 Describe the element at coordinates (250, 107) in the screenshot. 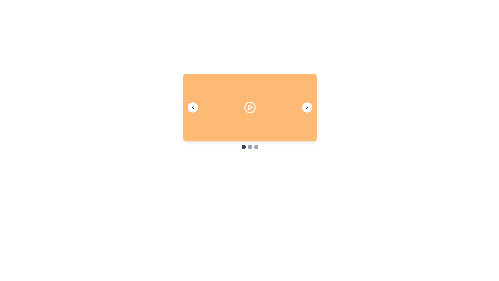

I see `the circular play button with a triangle pointing to the right, which is centrally positioned within an orange background to play the content` at that location.